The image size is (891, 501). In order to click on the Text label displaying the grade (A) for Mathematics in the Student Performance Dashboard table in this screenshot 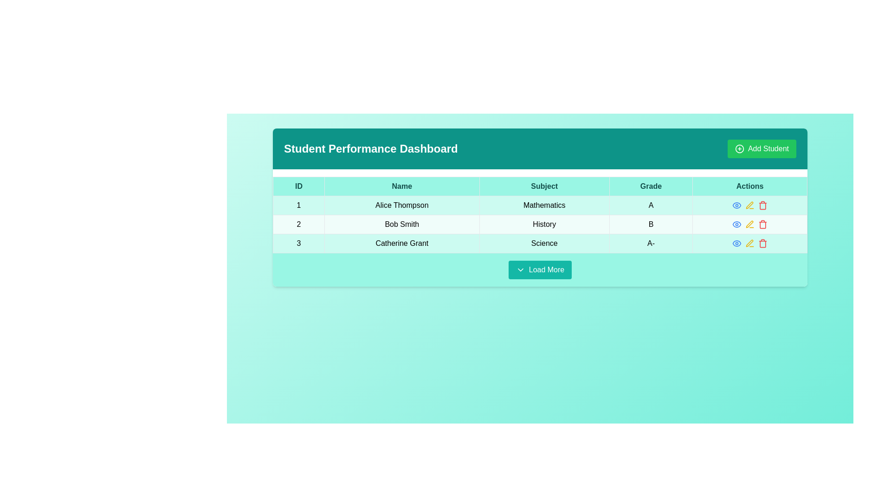, I will do `click(650, 205)`.